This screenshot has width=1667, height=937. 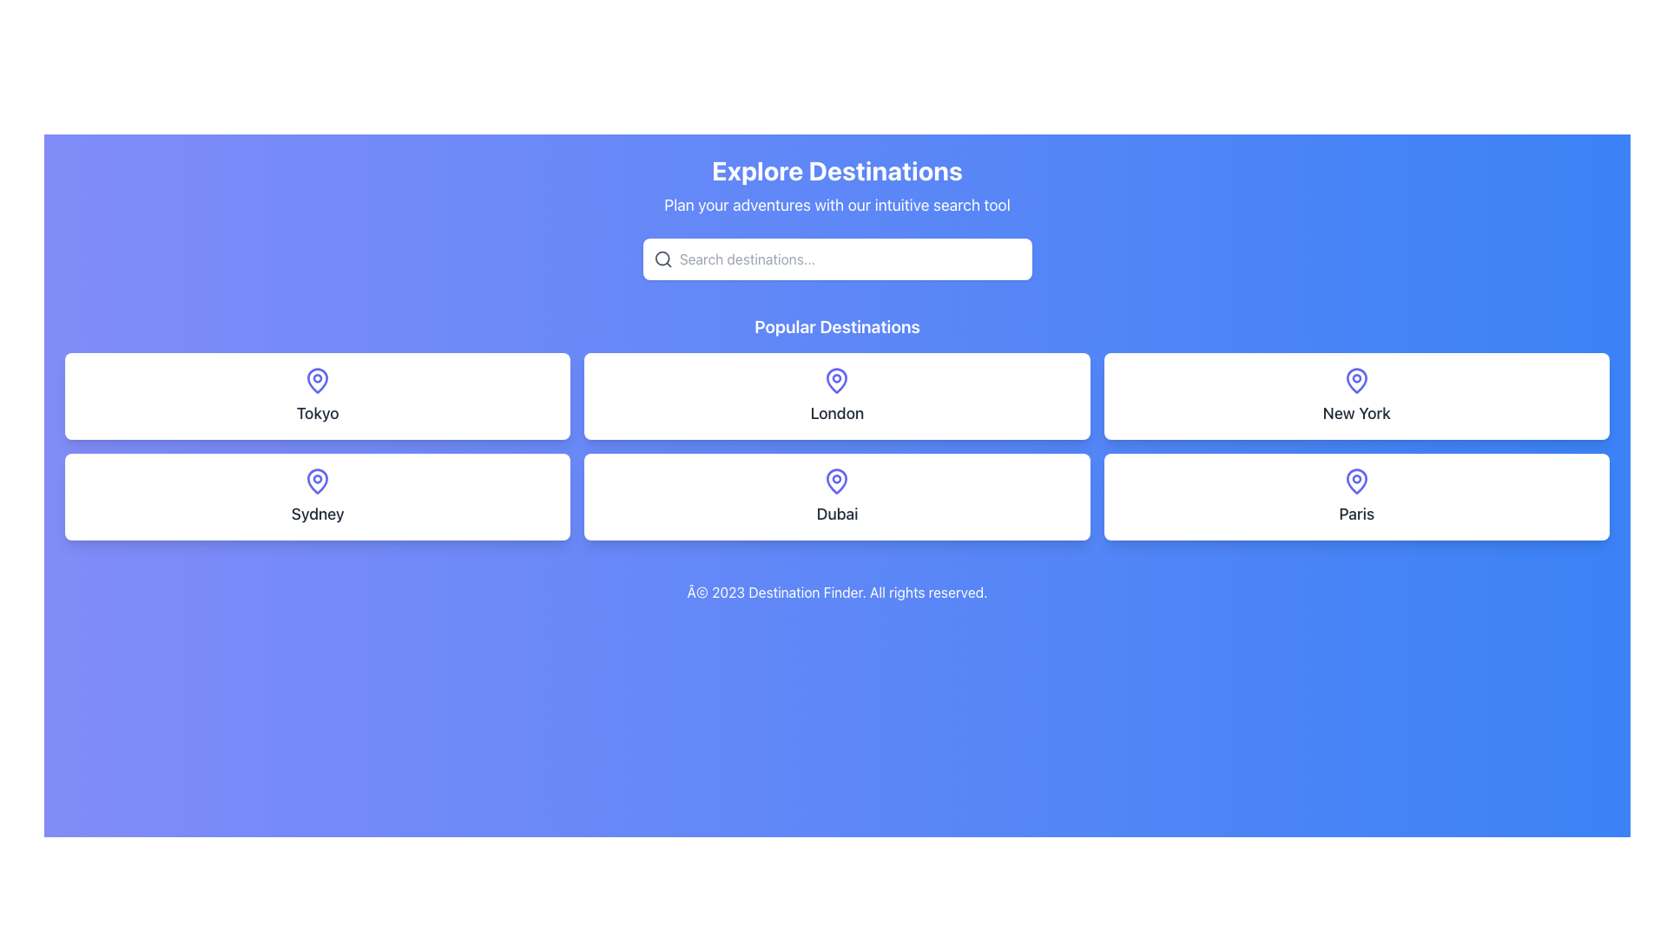 I want to click on the indigo heart-shaped map pin icon located above the 'Paris' label, so click(x=1355, y=482).